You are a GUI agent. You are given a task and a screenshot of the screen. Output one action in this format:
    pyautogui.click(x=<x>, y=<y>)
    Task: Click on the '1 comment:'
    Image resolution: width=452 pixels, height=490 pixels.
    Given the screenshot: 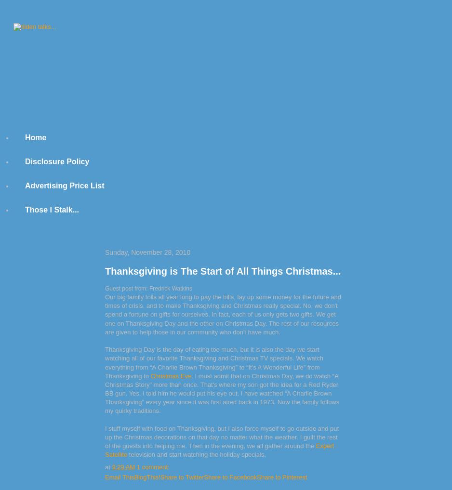 What is the action you would take?
    pyautogui.click(x=152, y=467)
    